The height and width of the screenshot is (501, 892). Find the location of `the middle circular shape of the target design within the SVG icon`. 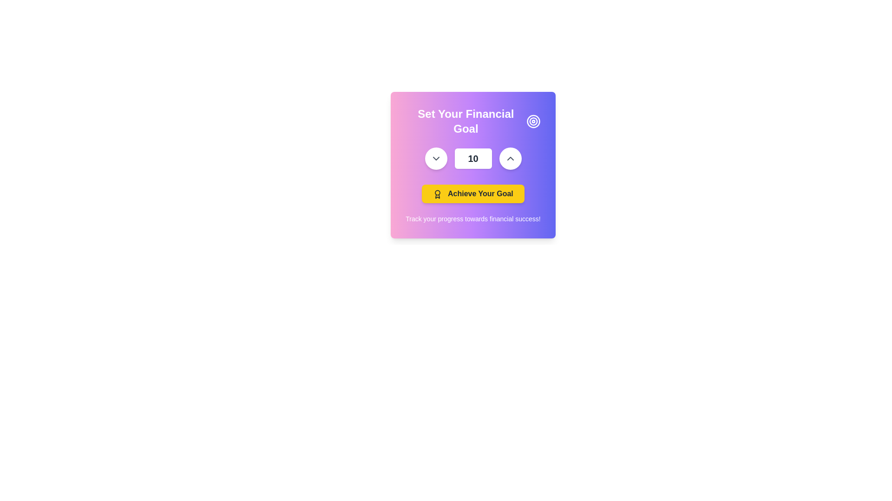

the middle circular shape of the target design within the SVG icon is located at coordinates (533, 121).